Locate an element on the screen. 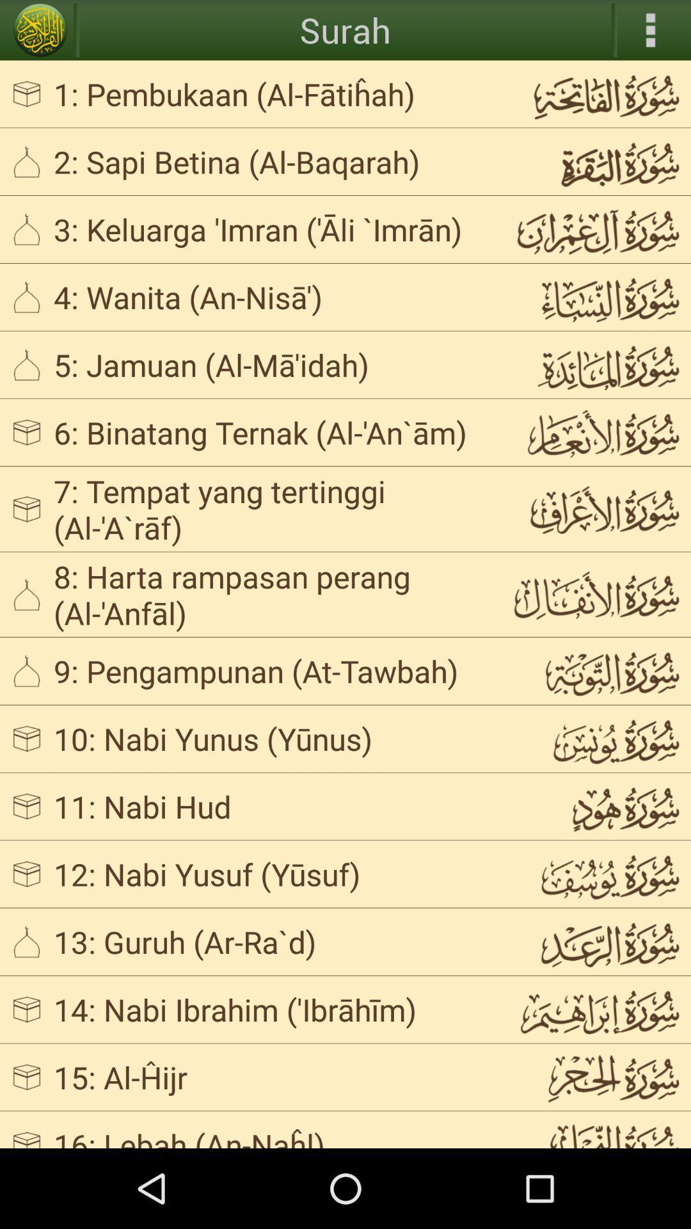  the 8 harta rampasan icon is located at coordinates (271, 593).